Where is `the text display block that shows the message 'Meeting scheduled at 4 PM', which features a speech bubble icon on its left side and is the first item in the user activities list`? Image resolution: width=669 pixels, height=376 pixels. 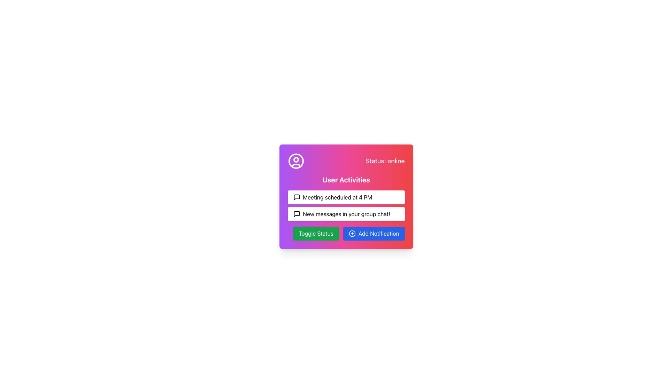 the text display block that shows the message 'Meeting scheduled at 4 PM', which features a speech bubble icon on its left side and is the first item in the user activities list is located at coordinates (346, 197).